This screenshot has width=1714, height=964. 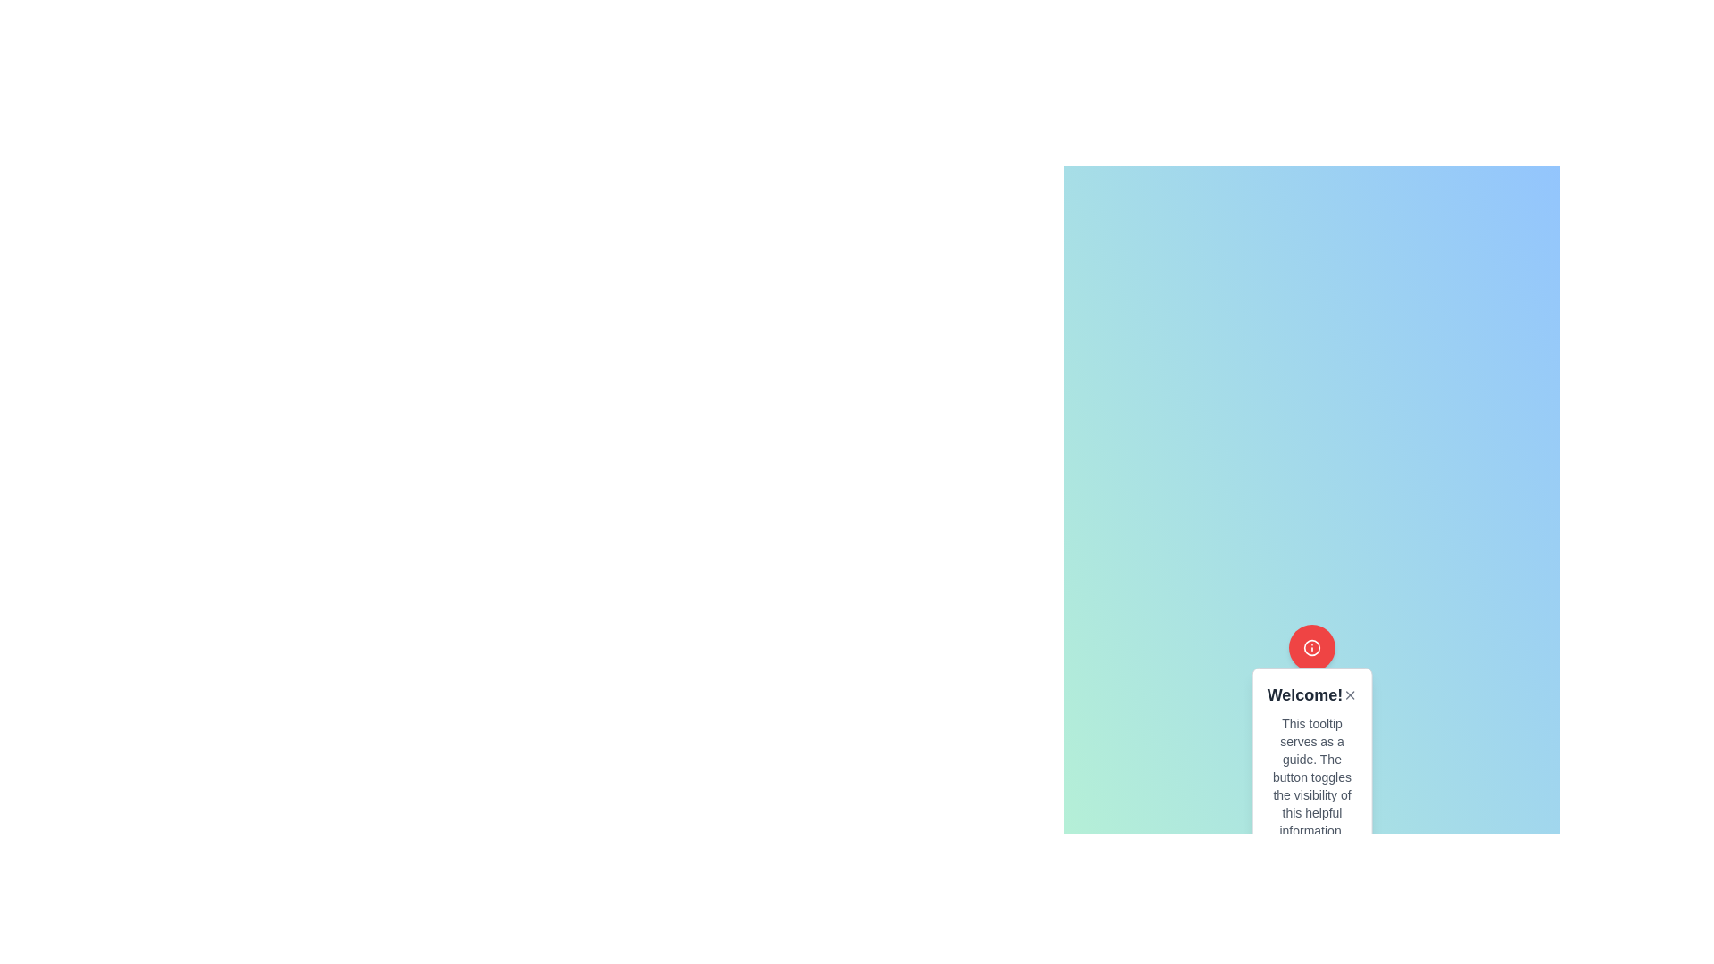 I want to click on the welcoming header static text located at the top section of the tooltip, which is the leftmost element among its siblings, to provide context for the associated information, so click(x=1305, y=694).